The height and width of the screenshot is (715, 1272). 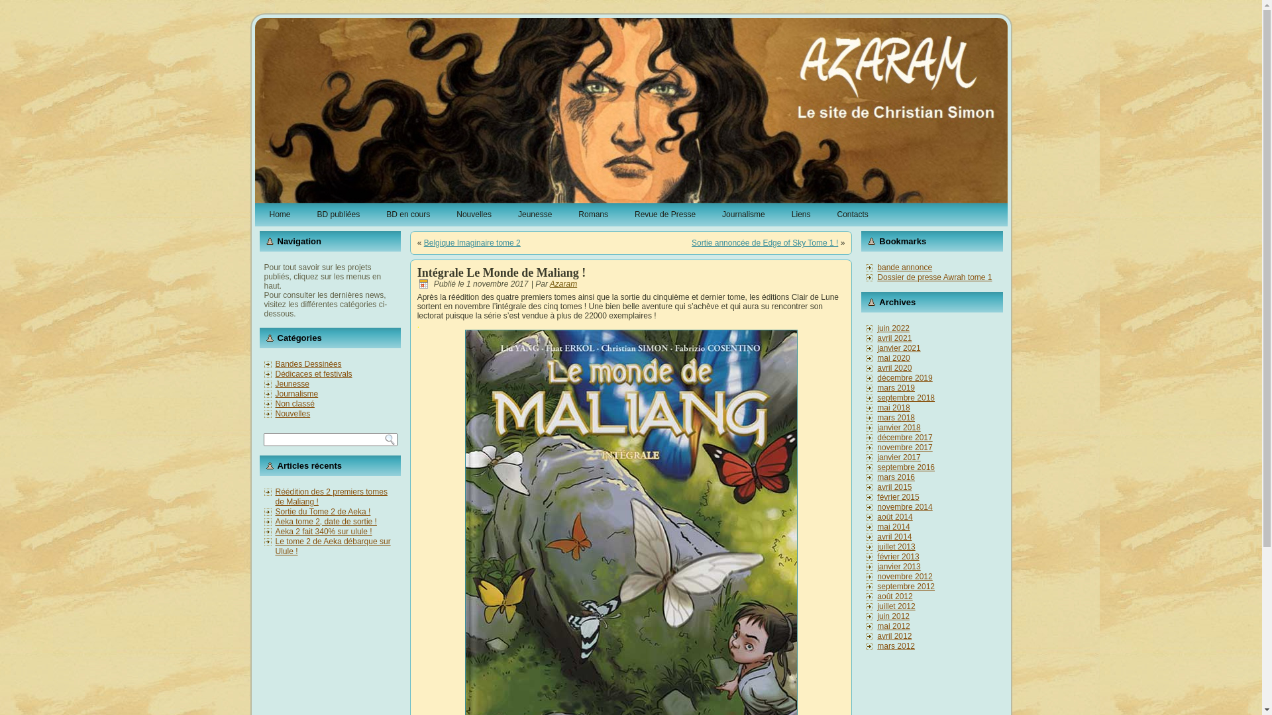 What do you see at coordinates (710, 214) in the screenshot?
I see `'Journalisme'` at bounding box center [710, 214].